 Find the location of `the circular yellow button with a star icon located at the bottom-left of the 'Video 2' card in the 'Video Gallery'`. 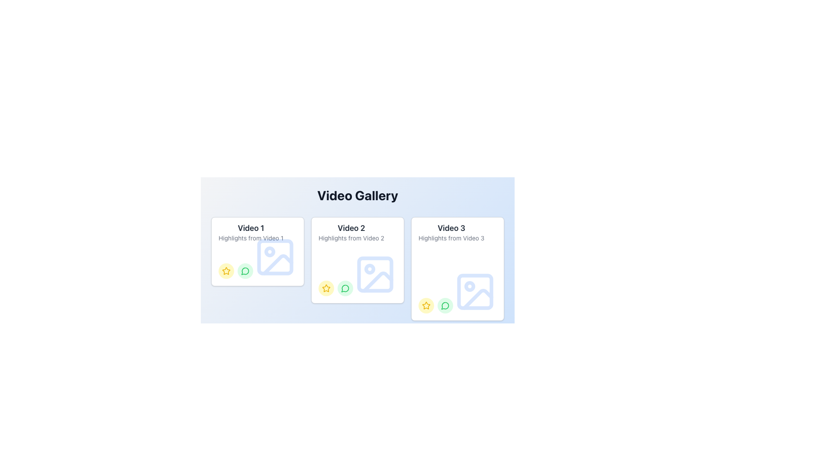

the circular yellow button with a star icon located at the bottom-left of the 'Video 2' card in the 'Video Gallery' is located at coordinates (325, 288).